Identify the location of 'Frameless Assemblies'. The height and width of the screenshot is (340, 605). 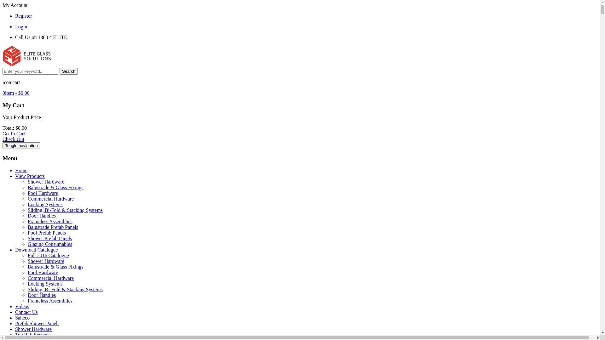
(49, 300).